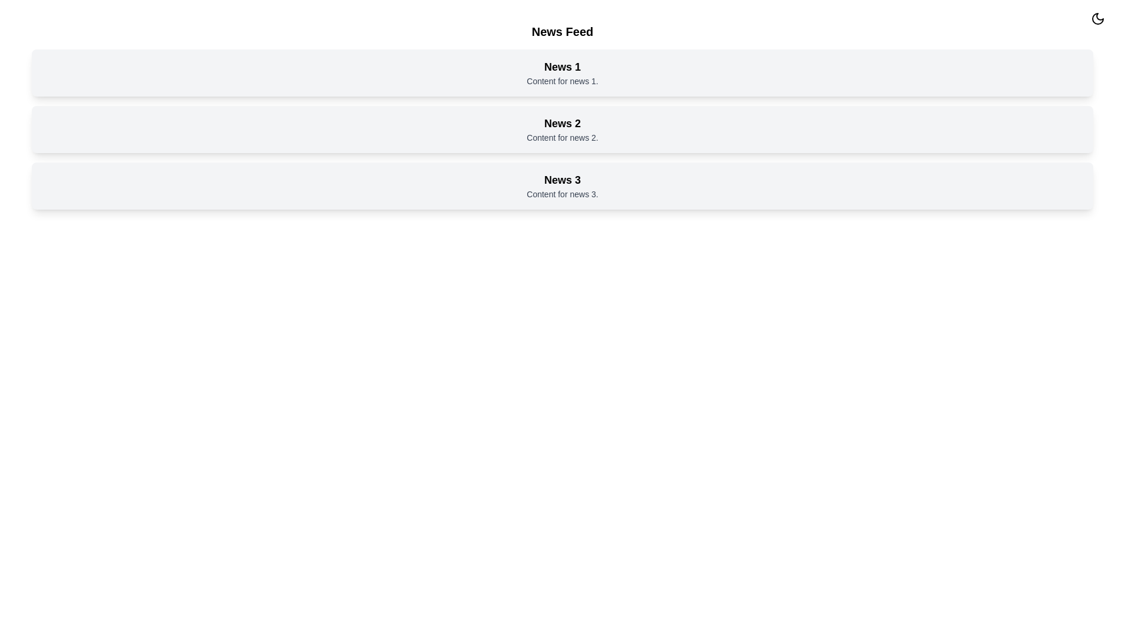  Describe the element at coordinates (562, 123) in the screenshot. I see `the Text Label that serves as the title for the second news item in the feed, located above the content for news 2, between the titles 'News 1' and 'News 3'` at that location.